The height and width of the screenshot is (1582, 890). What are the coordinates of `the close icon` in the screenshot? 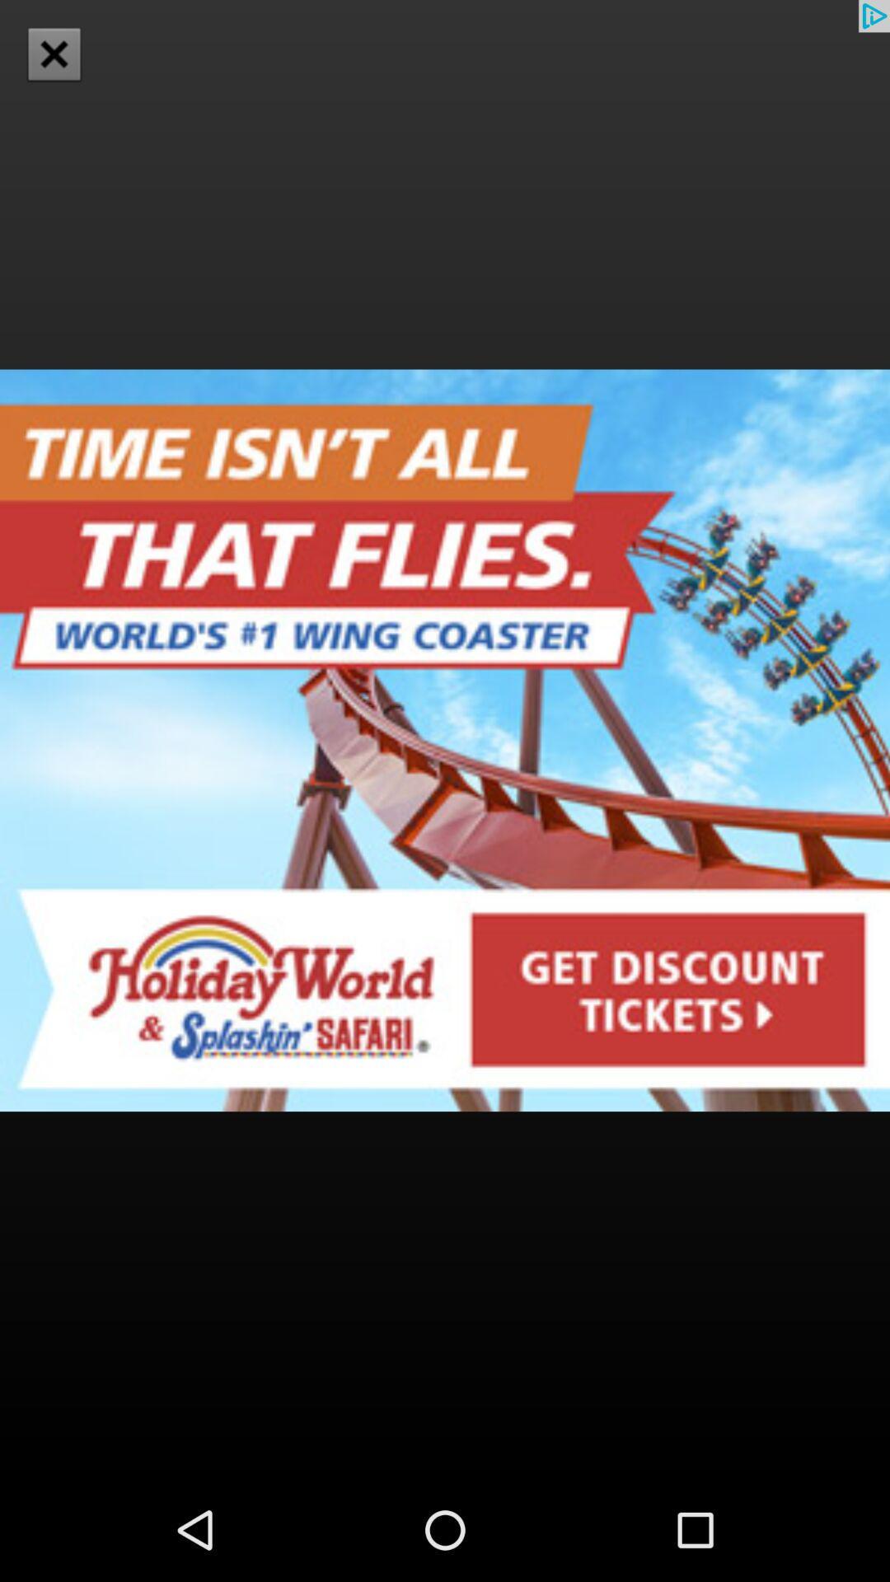 It's located at (53, 58).